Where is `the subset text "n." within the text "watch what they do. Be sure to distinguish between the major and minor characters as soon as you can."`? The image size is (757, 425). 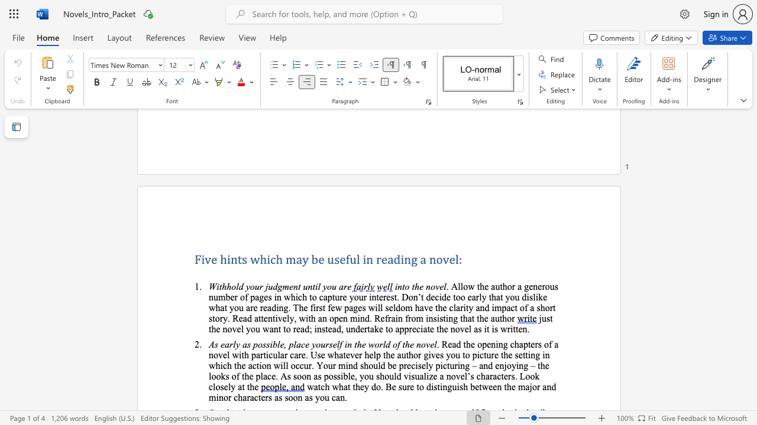 the subset text "n." within the text "watch what they do. Be sure to distinguish between the major and minor characters as soon as you can." is located at coordinates (339, 397).